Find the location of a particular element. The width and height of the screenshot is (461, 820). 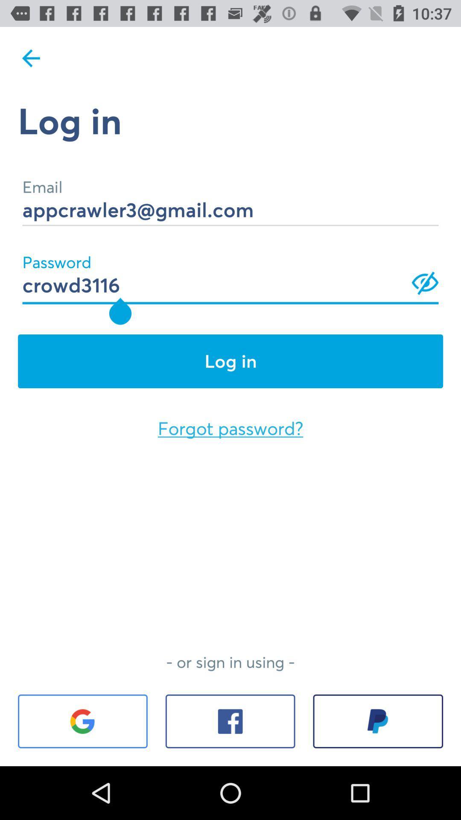

the forgot password? is located at coordinates (230, 428).